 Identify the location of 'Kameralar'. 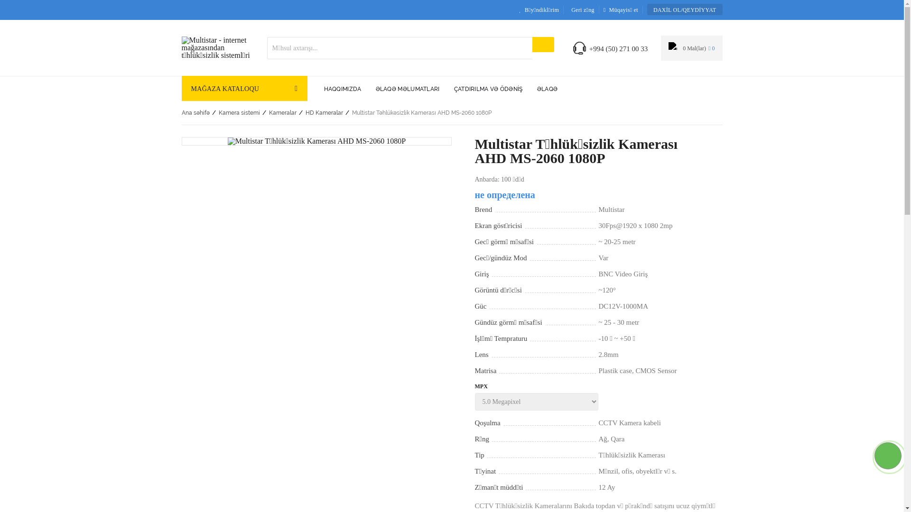
(282, 112).